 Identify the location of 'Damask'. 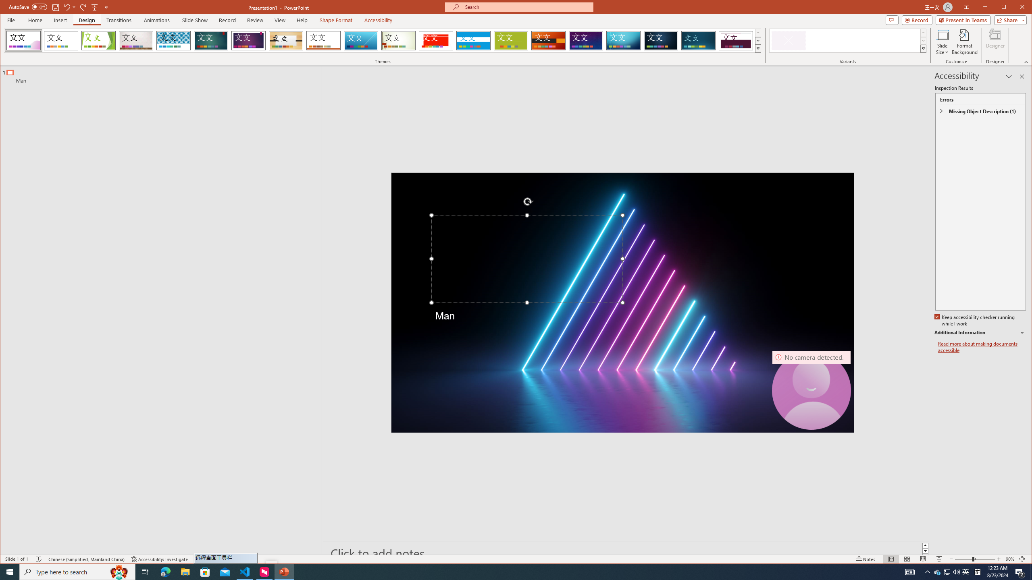
(660, 40).